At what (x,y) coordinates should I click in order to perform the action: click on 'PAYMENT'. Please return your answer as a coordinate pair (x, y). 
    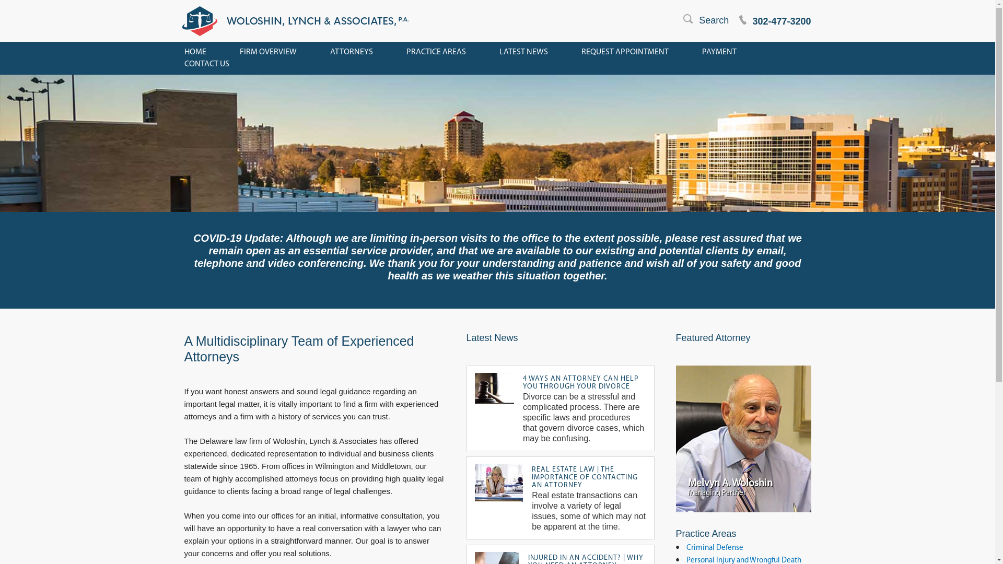
    Looking at the image, I should click on (702, 52).